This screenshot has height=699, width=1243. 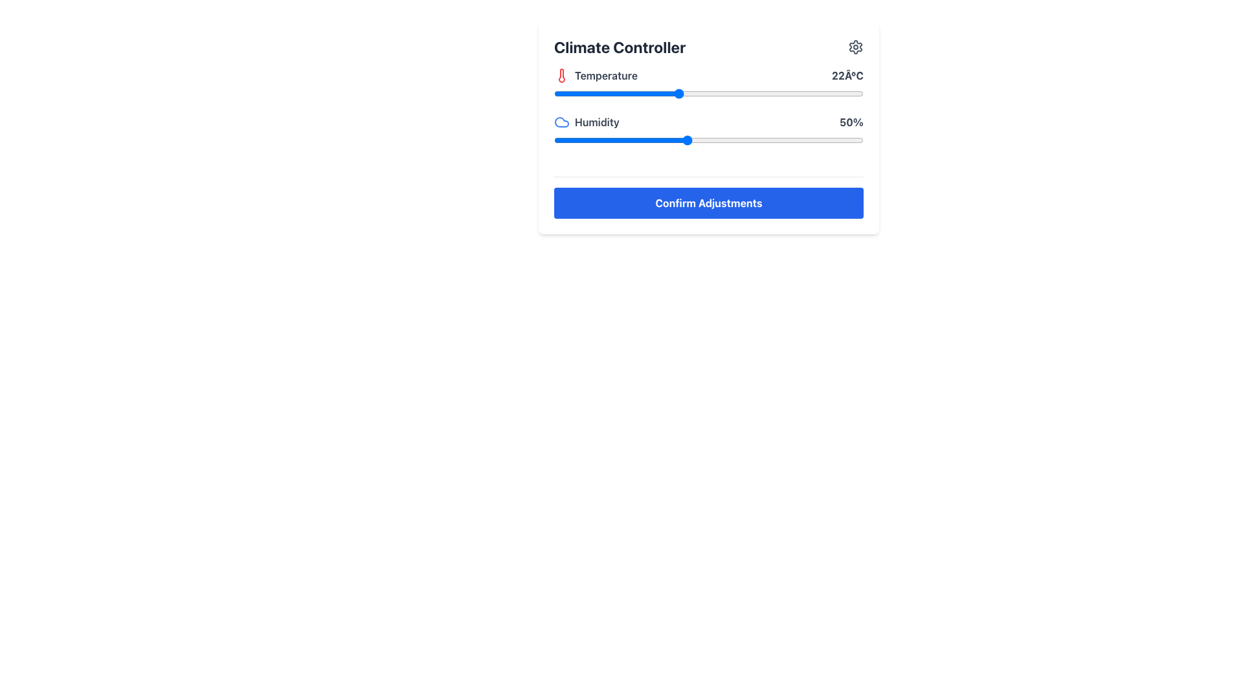 I want to click on humidity, so click(x=695, y=140).